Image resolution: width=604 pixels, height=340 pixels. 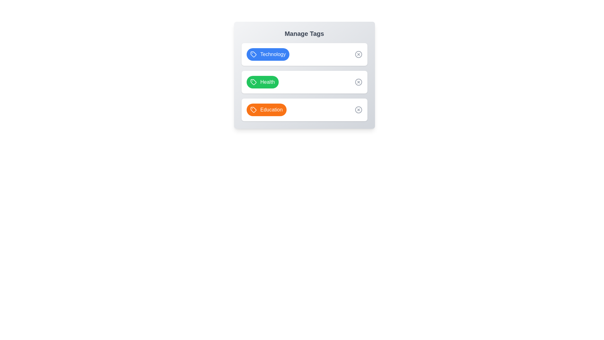 What do you see at coordinates (358, 54) in the screenshot?
I see `the close button of the 'Technology' tag to view its hover effect` at bounding box center [358, 54].